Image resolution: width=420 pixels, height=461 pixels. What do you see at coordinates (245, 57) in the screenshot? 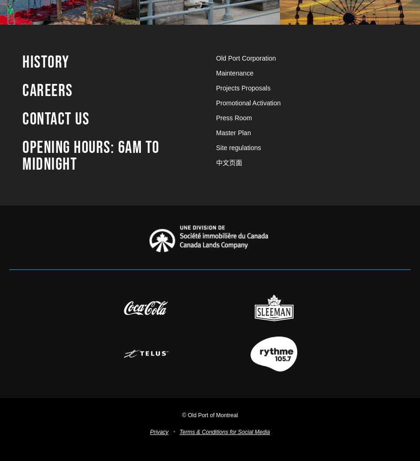
I see `'Old Port Corporation'` at bounding box center [245, 57].